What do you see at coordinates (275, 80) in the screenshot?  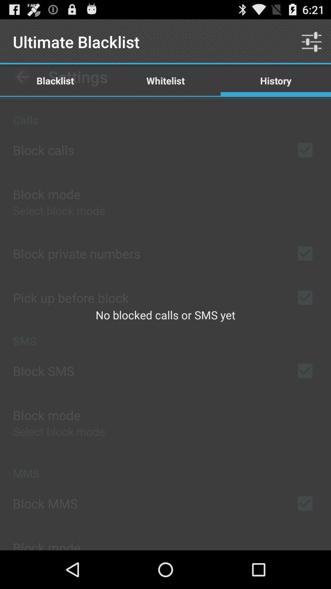 I see `item to the right of whitelist icon` at bounding box center [275, 80].